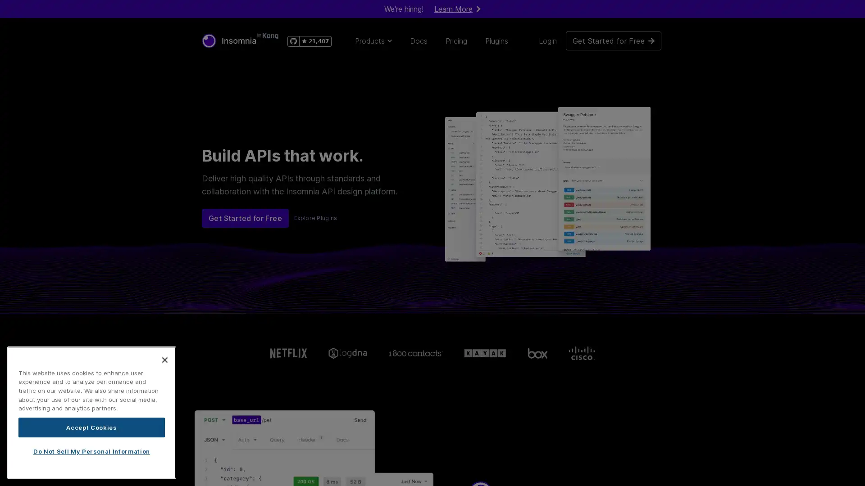  I want to click on Accept Cookies, so click(91, 427).